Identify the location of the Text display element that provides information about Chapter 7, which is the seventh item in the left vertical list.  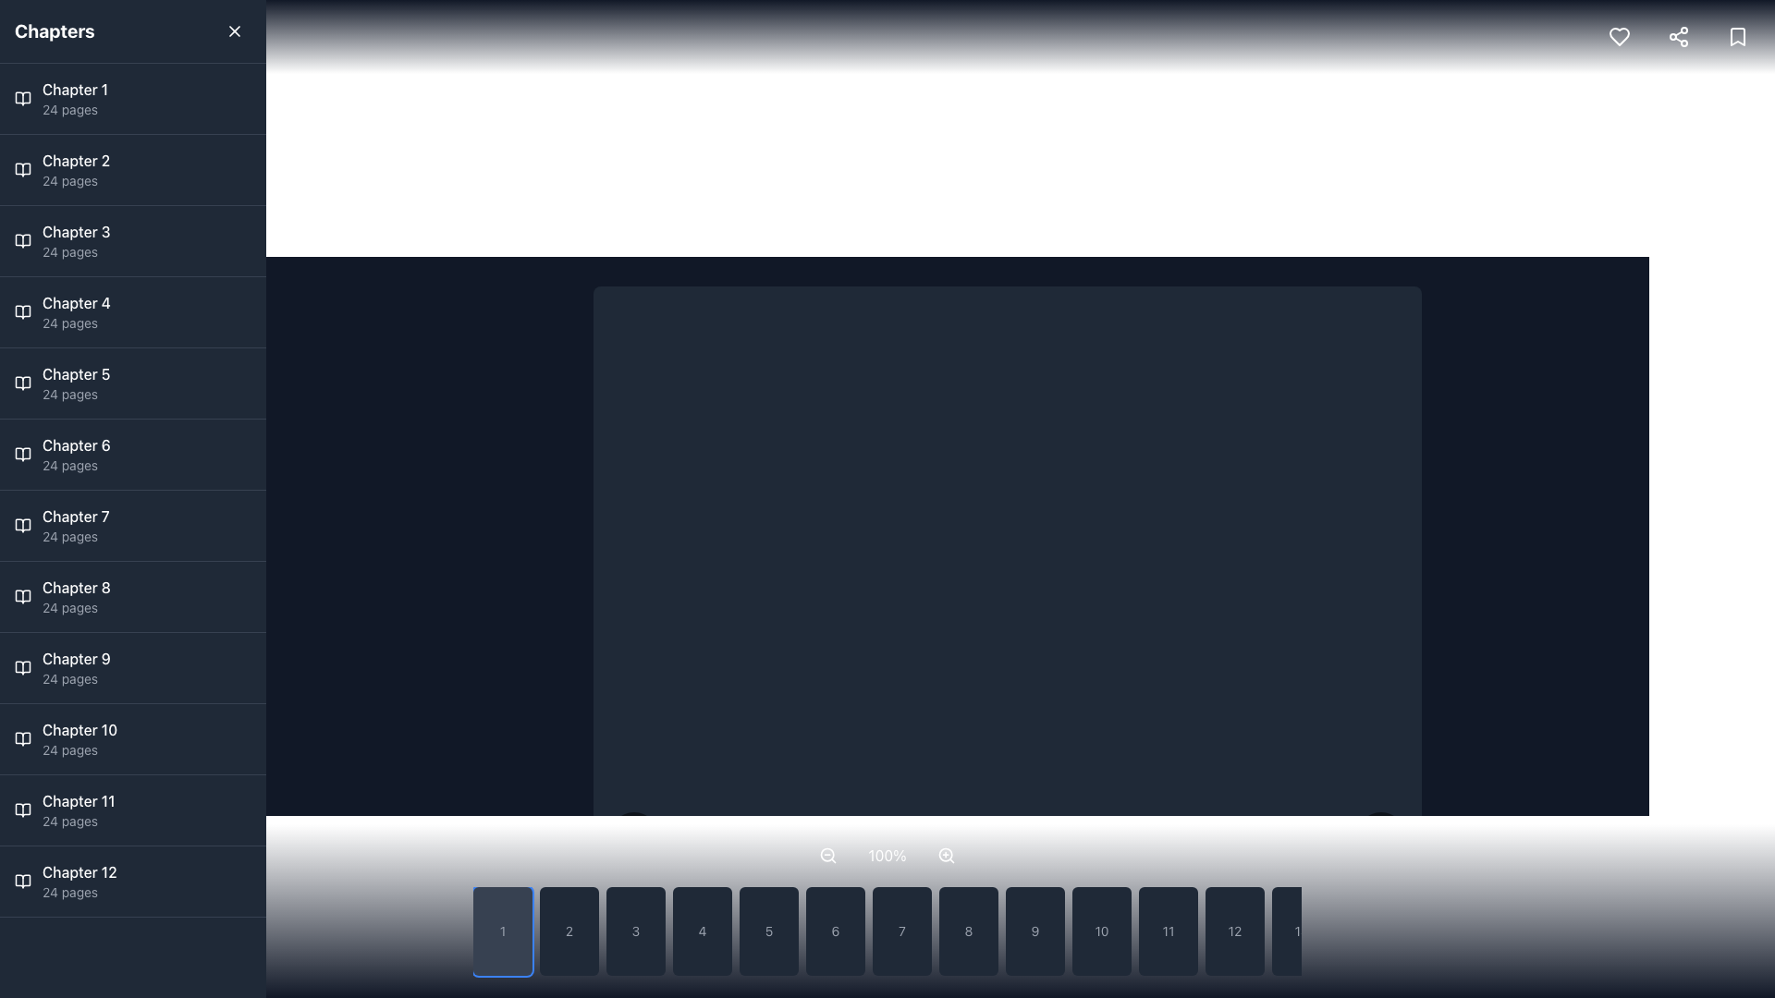
(75, 526).